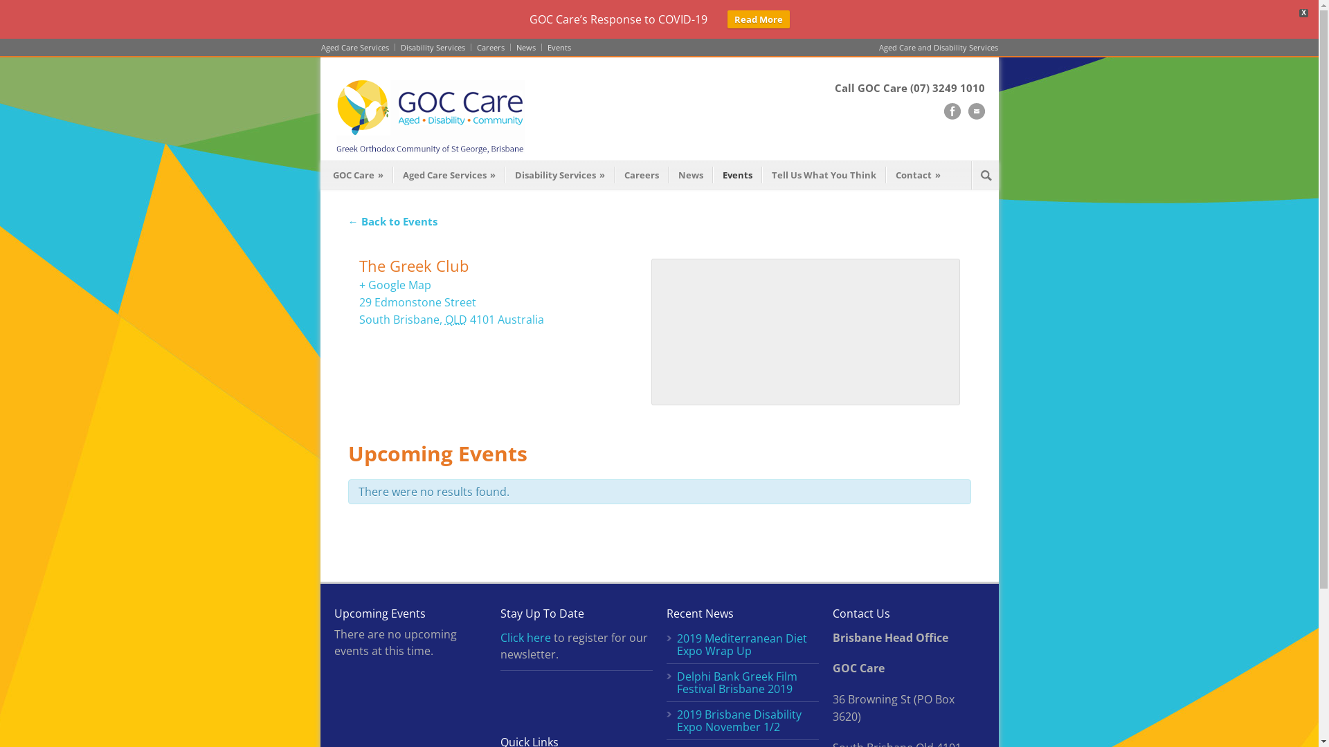  I want to click on '2019 Mediterranean Diet Expo Wrap Up', so click(741, 645).